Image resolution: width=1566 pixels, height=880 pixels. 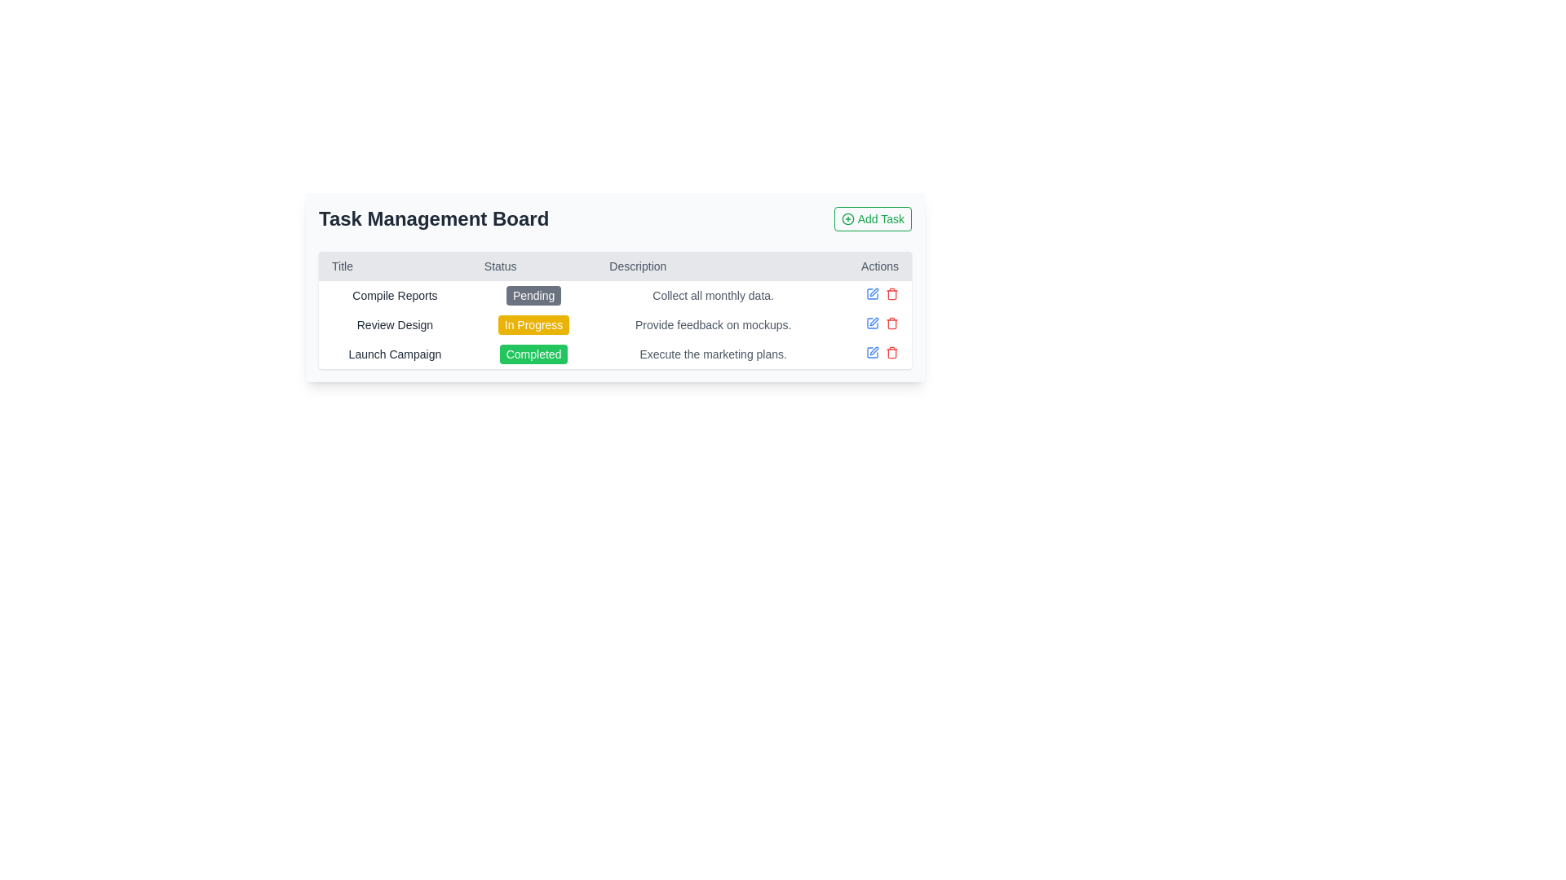 What do you see at coordinates (872, 218) in the screenshot?
I see `the button that allows users to add a new task to the task management board, located to the right of the title text 'Task Management Board' in the header section` at bounding box center [872, 218].